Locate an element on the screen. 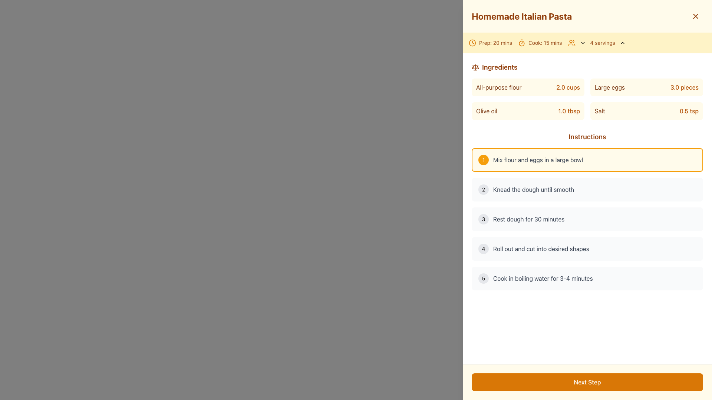  the downward-pointing chevron icon in the header section is located at coordinates (582, 43).